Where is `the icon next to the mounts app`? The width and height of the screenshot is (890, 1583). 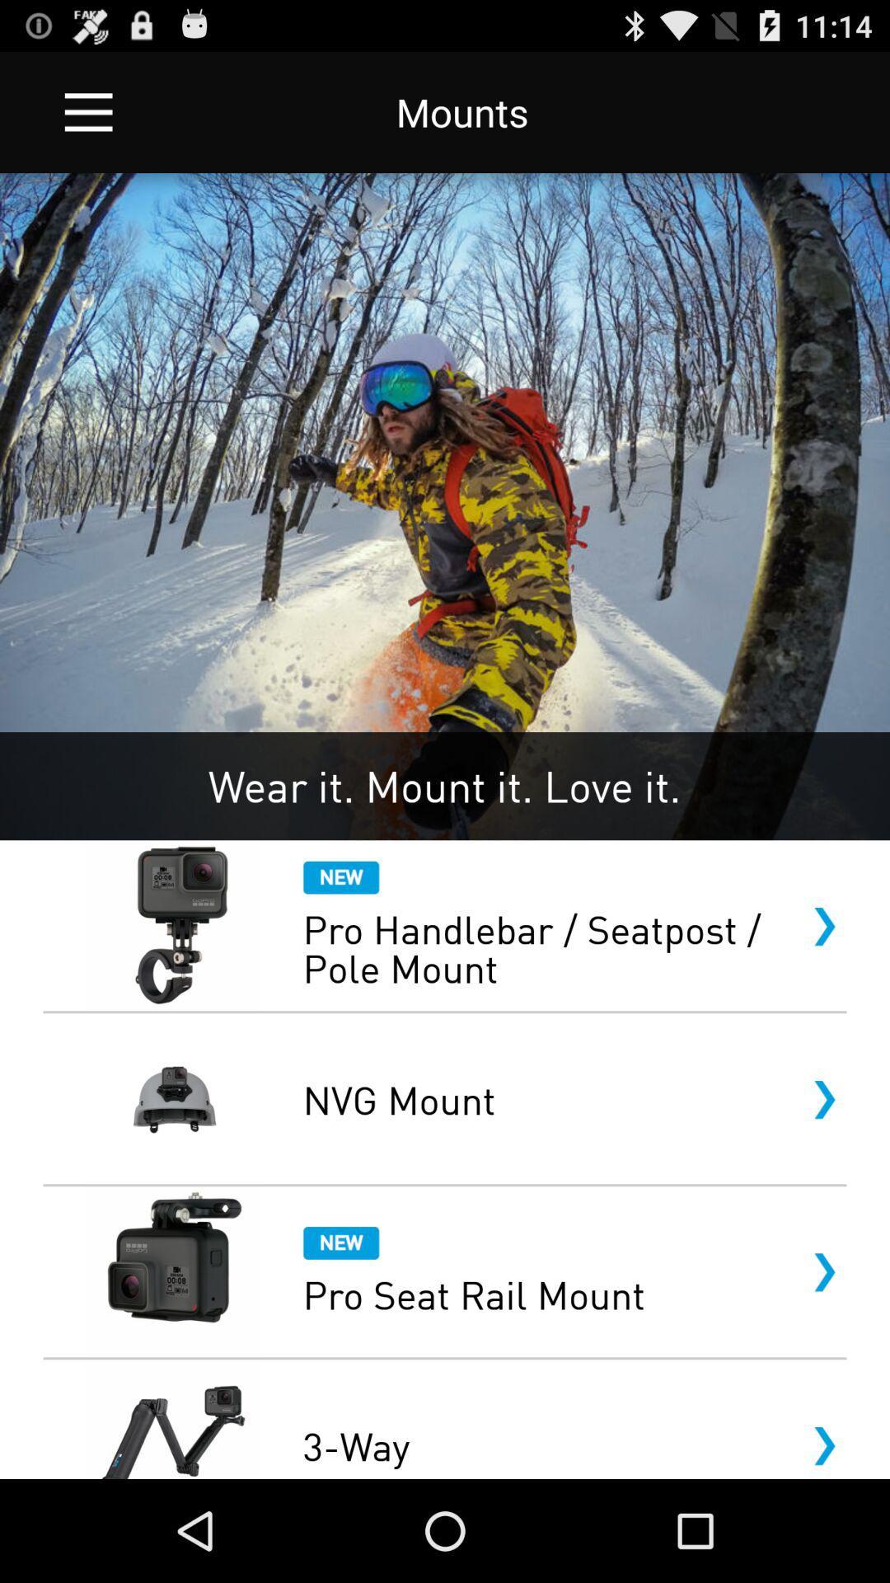
the icon next to the mounts app is located at coordinates (88, 111).